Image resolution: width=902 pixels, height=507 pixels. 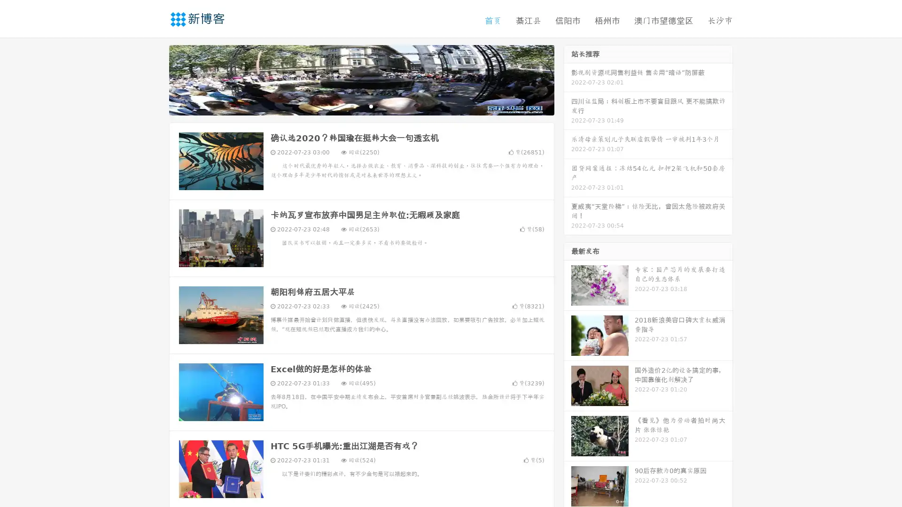 What do you see at coordinates (371, 106) in the screenshot?
I see `Go to slide 3` at bounding box center [371, 106].